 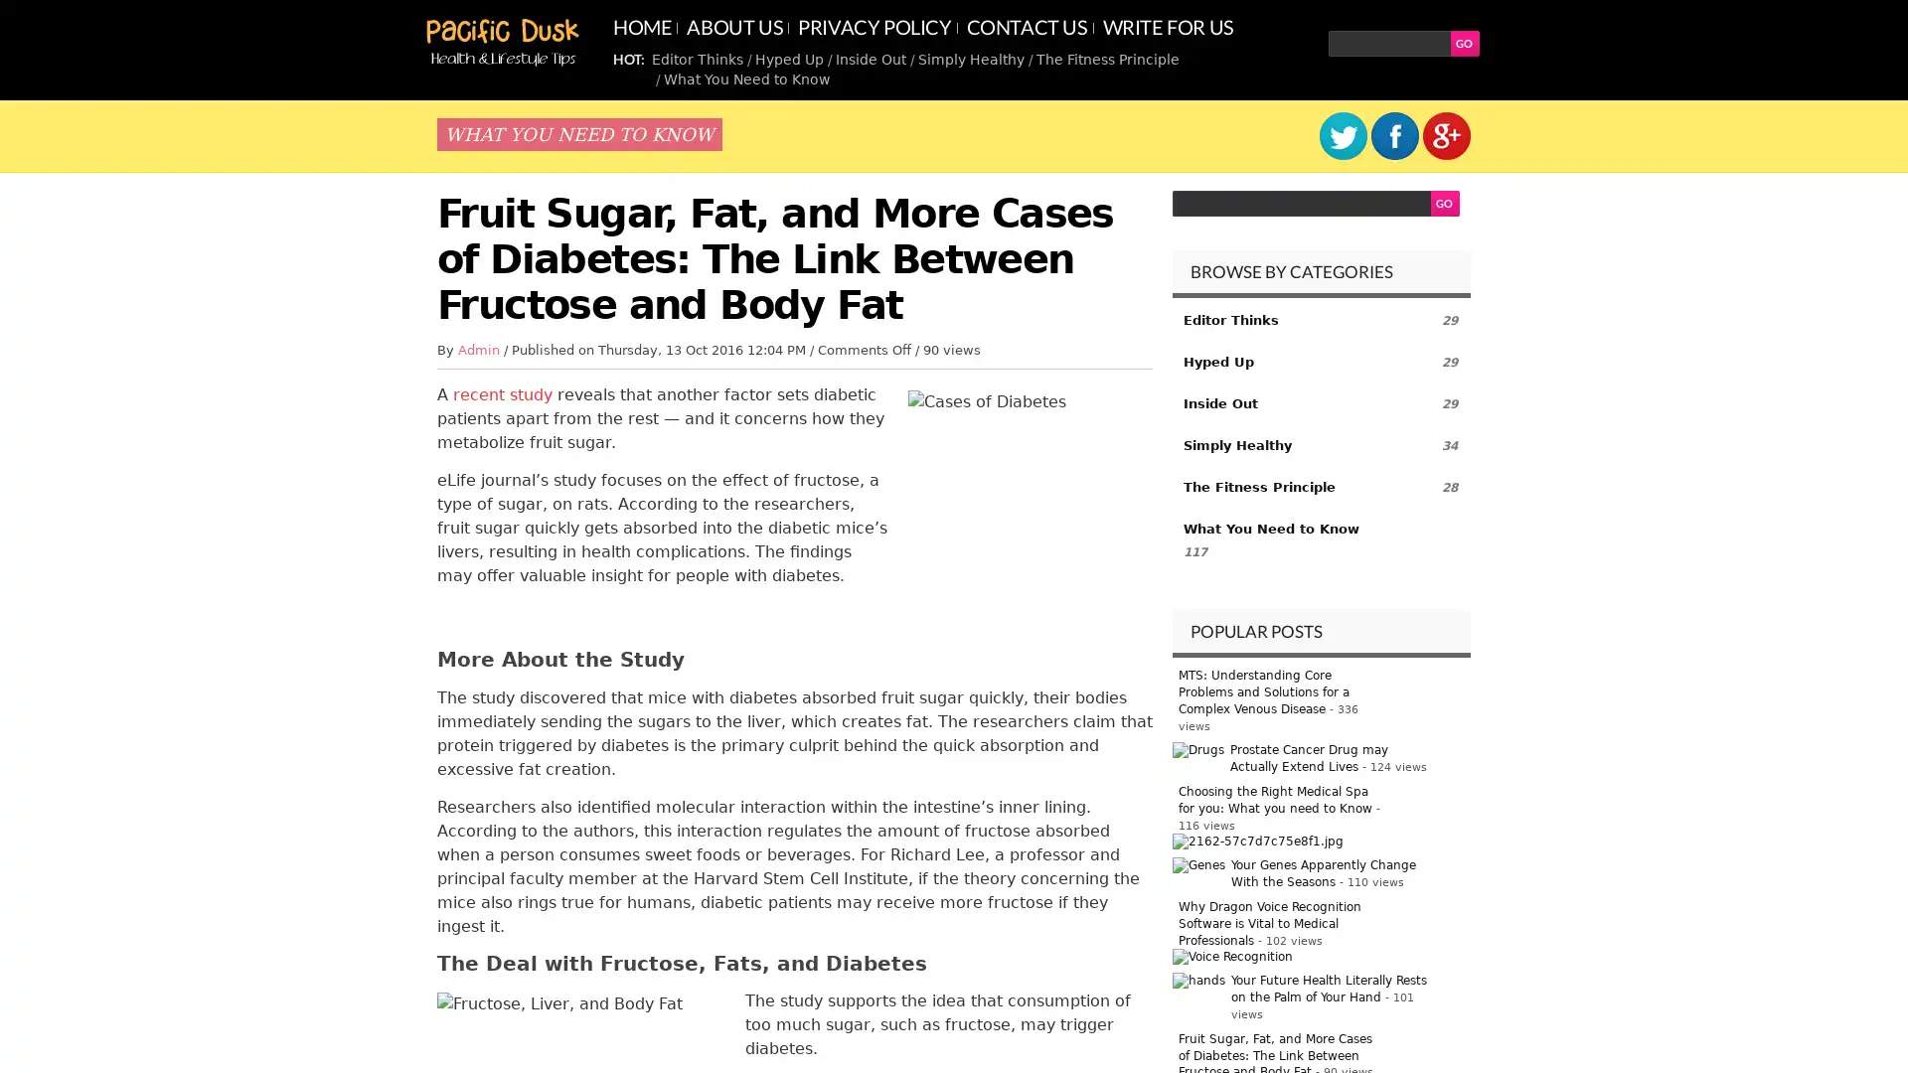 What do you see at coordinates (1465, 43) in the screenshot?
I see `GO` at bounding box center [1465, 43].